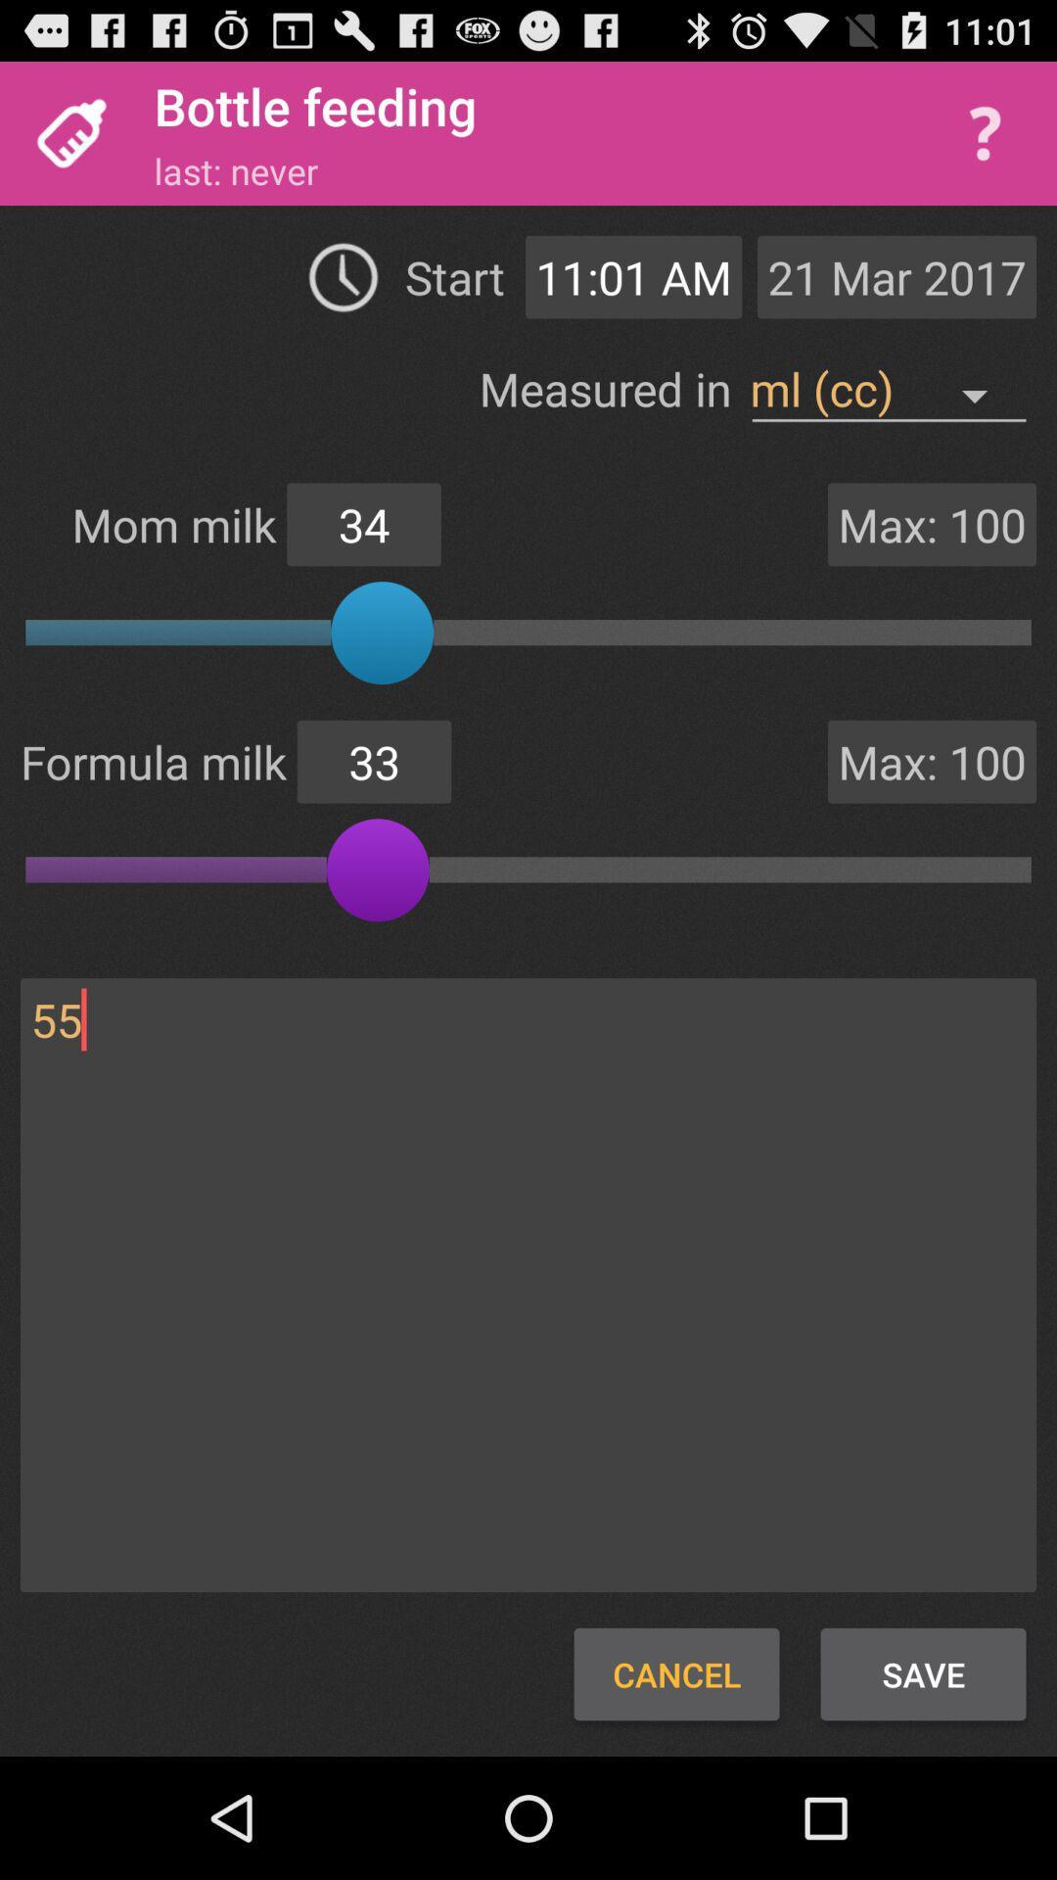  What do you see at coordinates (985, 132) in the screenshot?
I see `help menu` at bounding box center [985, 132].